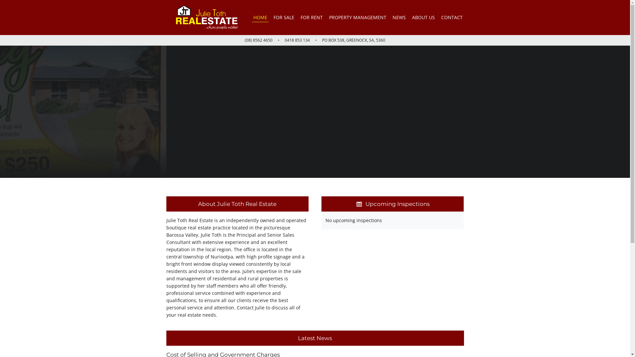  I want to click on 'ABOUT US', so click(423, 17).